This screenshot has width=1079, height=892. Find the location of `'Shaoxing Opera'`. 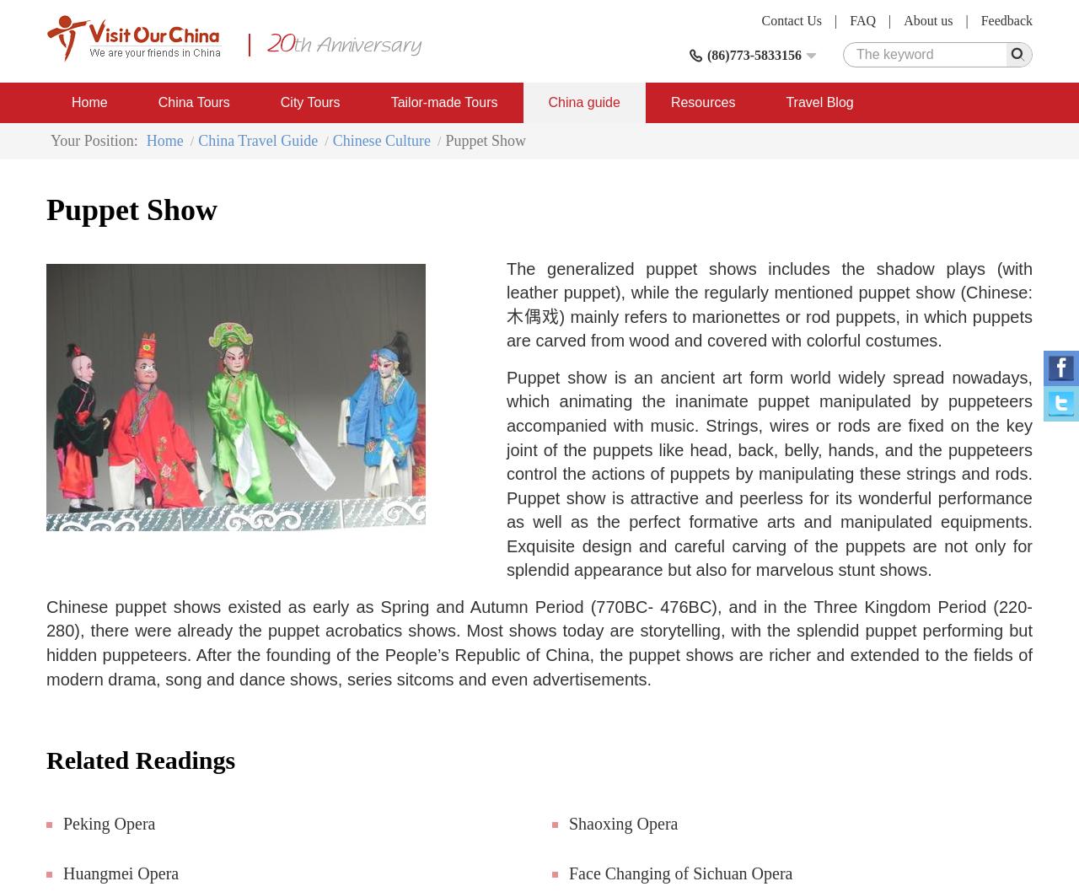

'Shaoxing Opera' is located at coordinates (622, 822).